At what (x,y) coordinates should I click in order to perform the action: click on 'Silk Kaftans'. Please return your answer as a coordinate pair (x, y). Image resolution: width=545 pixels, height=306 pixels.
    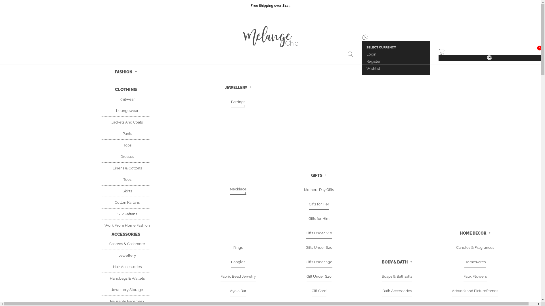
    Looking at the image, I should click on (125, 214).